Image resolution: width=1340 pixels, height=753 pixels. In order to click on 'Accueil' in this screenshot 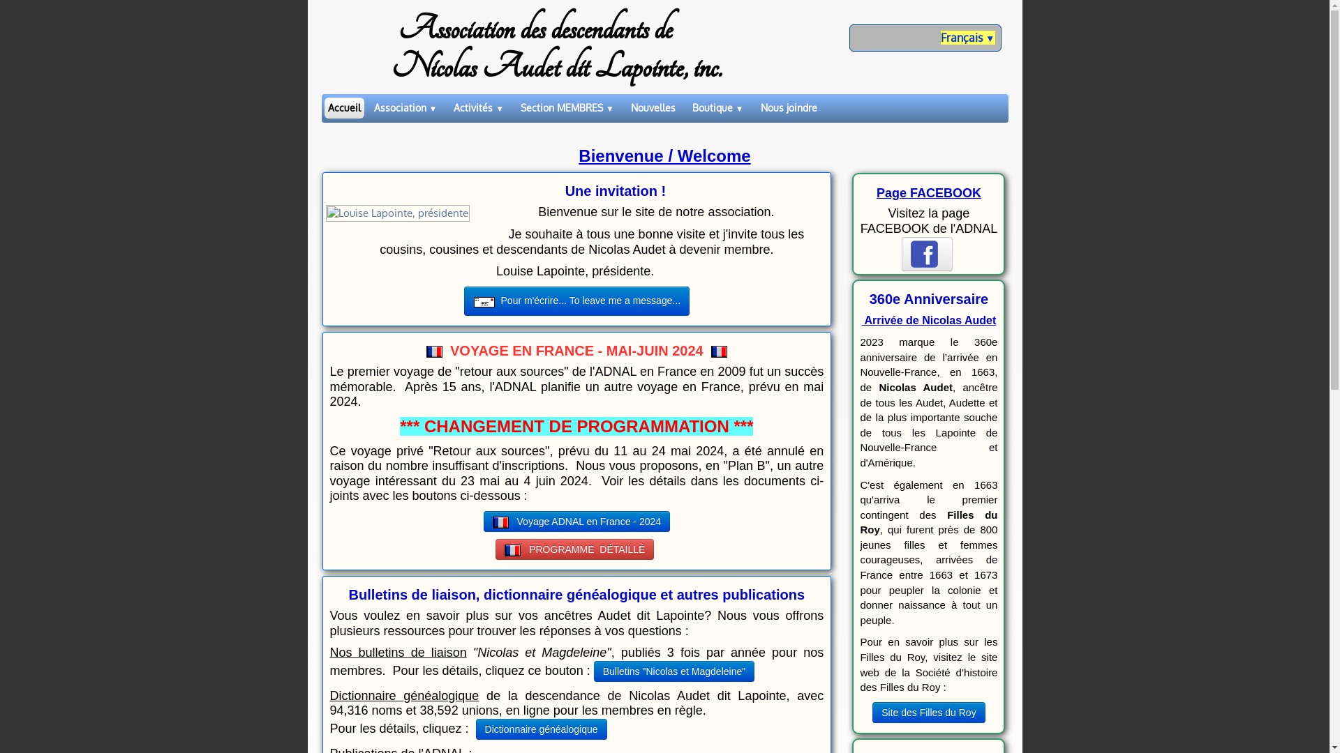, I will do `click(323, 107)`.